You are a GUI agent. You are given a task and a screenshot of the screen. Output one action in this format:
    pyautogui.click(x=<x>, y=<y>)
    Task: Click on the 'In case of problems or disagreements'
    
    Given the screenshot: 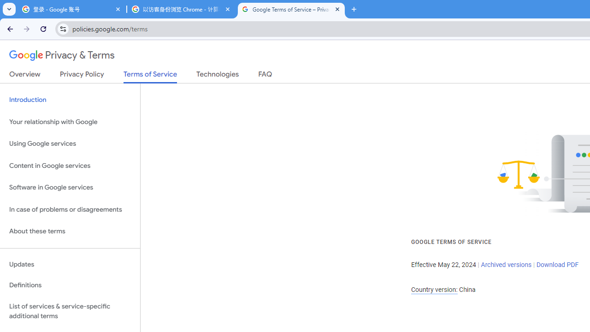 What is the action you would take?
    pyautogui.click(x=70, y=209)
    